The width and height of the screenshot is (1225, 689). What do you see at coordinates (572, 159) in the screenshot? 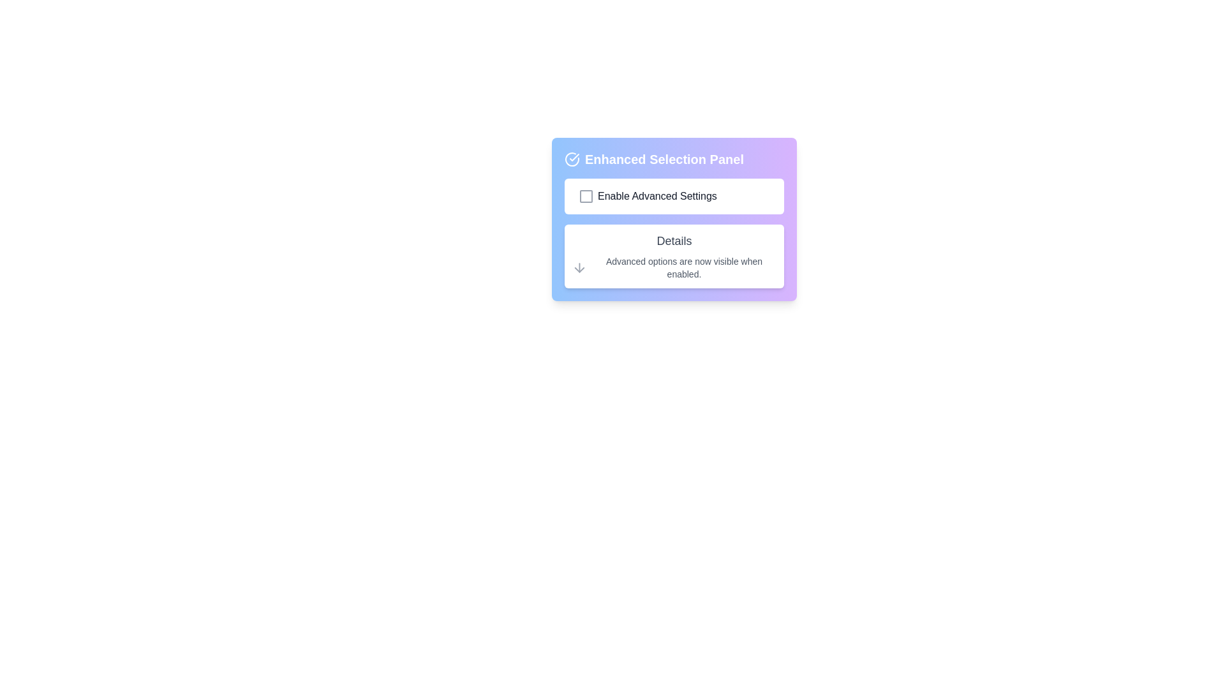
I see `the circular checkmark icon located in the header of the 'Enhanced Selection Panel', which is styled with a white stroke and positioned to the left of the text` at bounding box center [572, 159].